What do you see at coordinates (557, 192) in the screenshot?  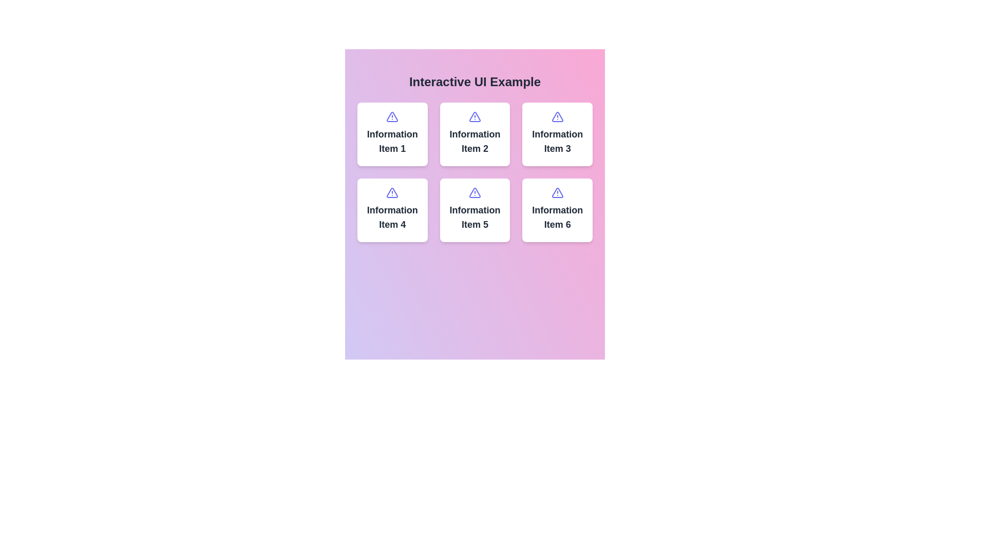 I see `the alert or warning icon located at the top center of the 'Information Item 6' card in the lower-right position of a 2x3 grid layout` at bounding box center [557, 192].